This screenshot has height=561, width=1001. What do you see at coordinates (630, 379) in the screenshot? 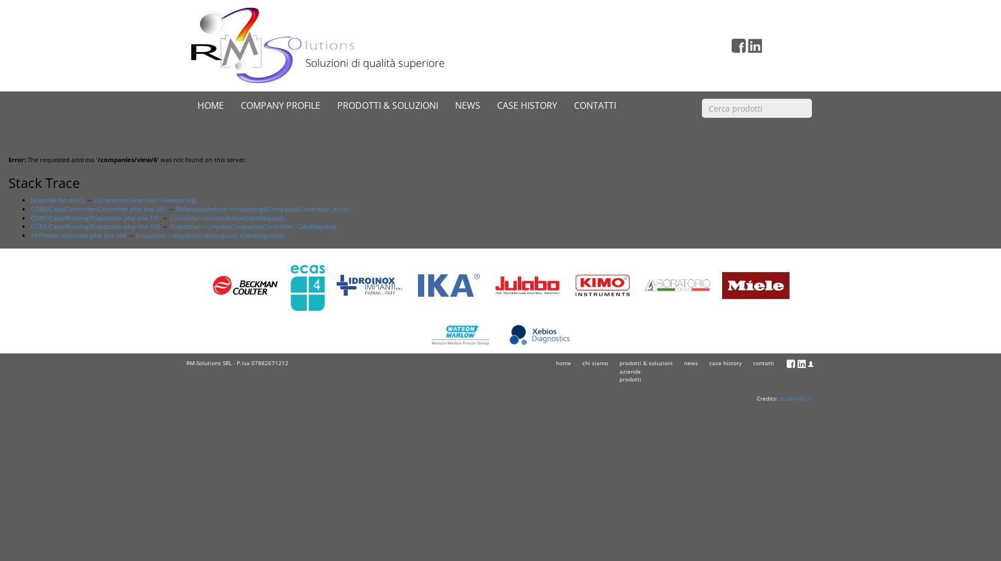
I see `'prodotti'` at bounding box center [630, 379].